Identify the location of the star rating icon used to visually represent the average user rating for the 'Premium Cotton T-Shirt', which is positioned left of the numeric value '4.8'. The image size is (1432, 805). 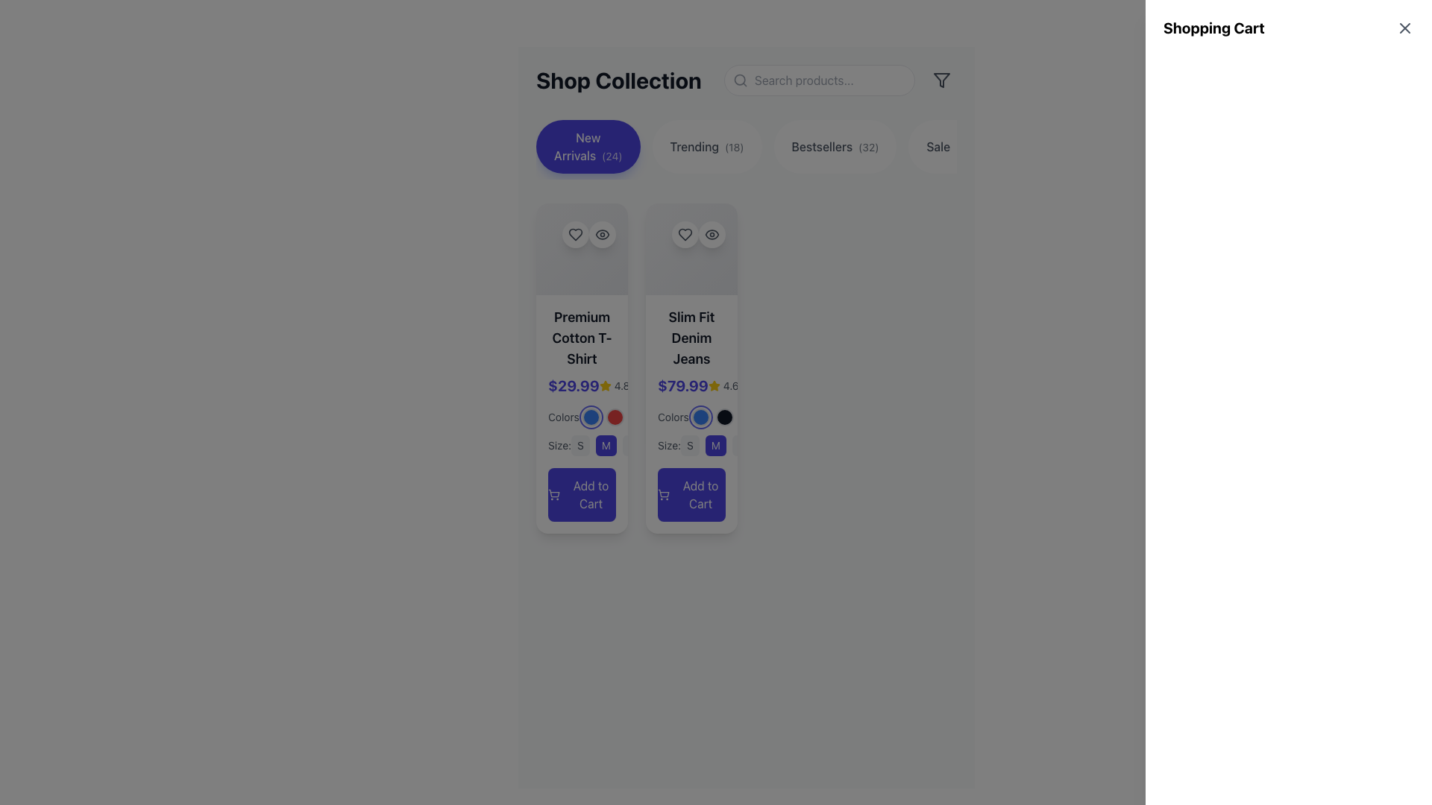
(605, 385).